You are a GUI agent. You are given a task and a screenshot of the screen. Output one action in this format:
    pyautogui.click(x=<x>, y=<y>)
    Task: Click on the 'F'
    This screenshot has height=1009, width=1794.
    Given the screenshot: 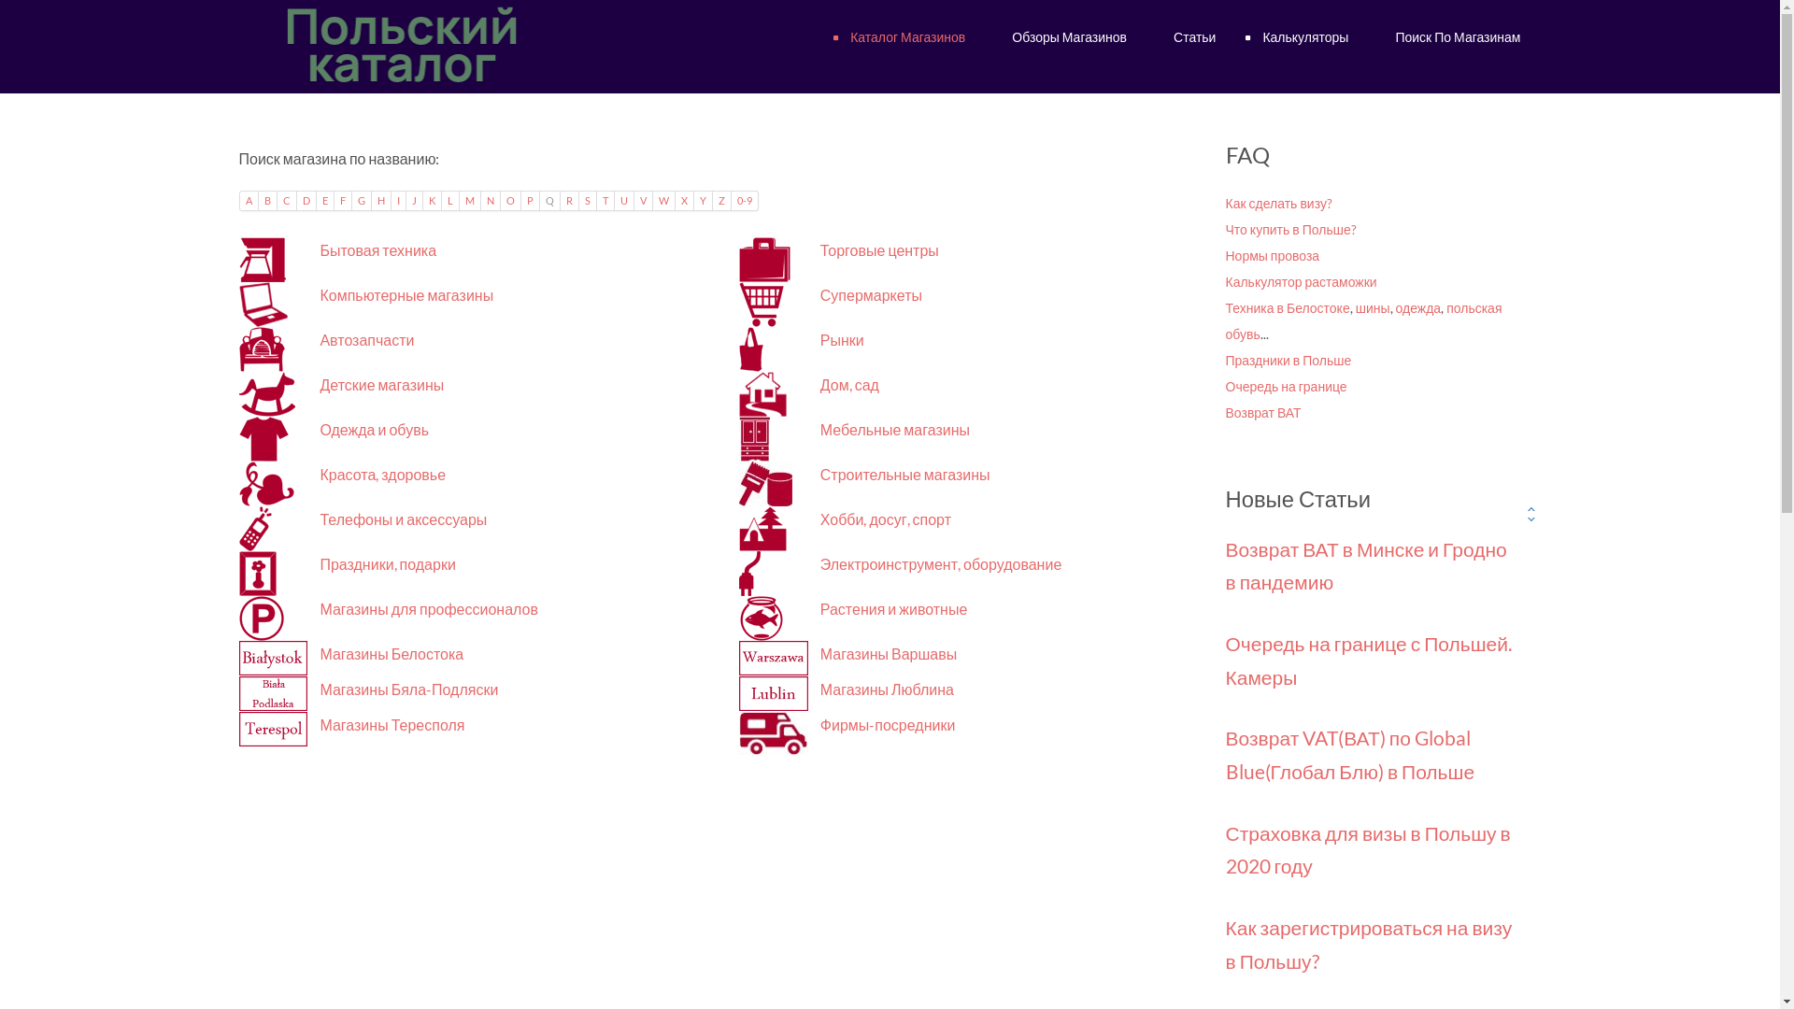 What is the action you would take?
    pyautogui.click(x=343, y=201)
    